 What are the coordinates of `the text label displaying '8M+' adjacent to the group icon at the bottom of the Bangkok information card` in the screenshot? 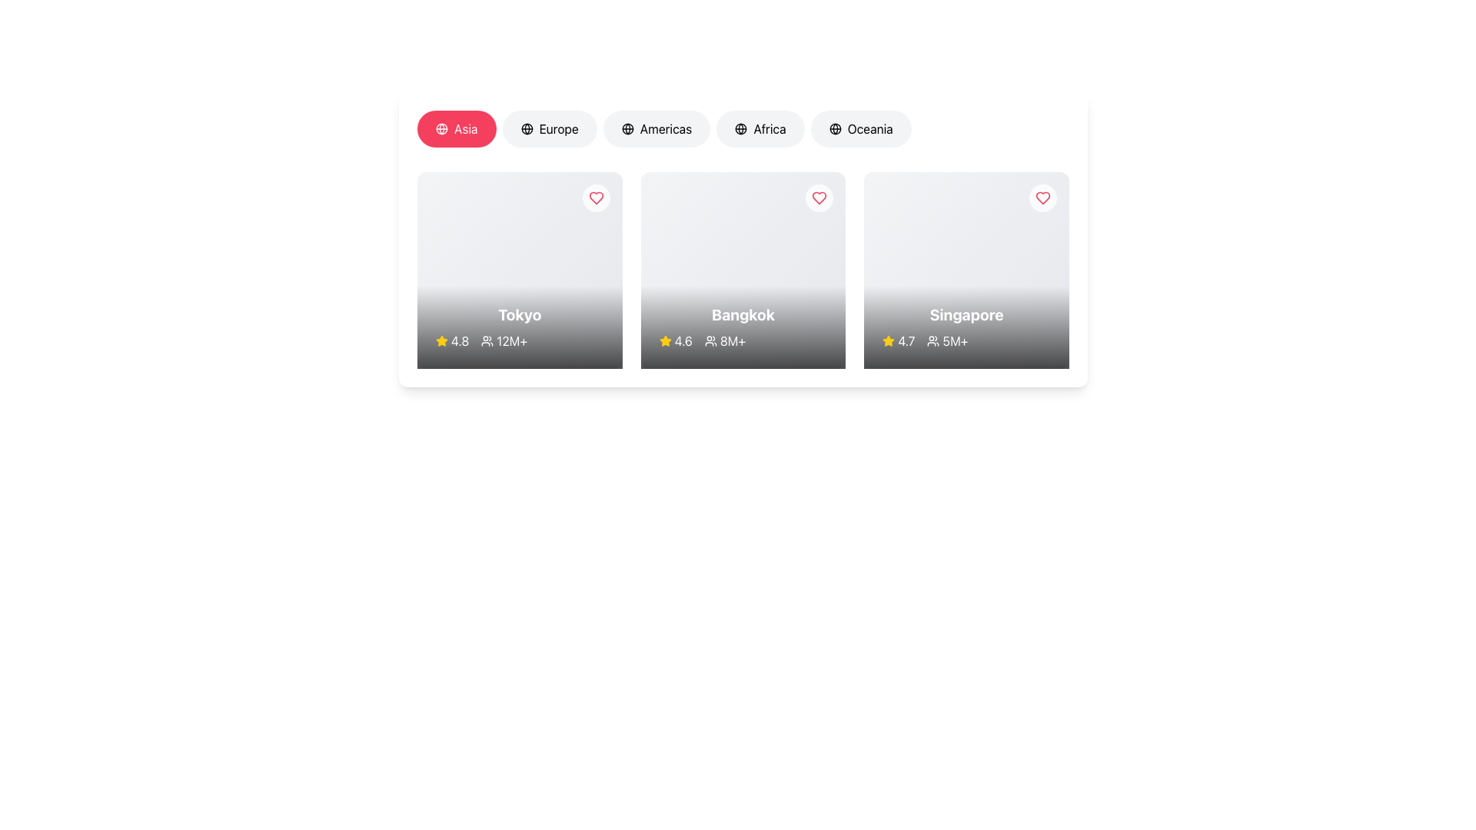 It's located at (743, 340).